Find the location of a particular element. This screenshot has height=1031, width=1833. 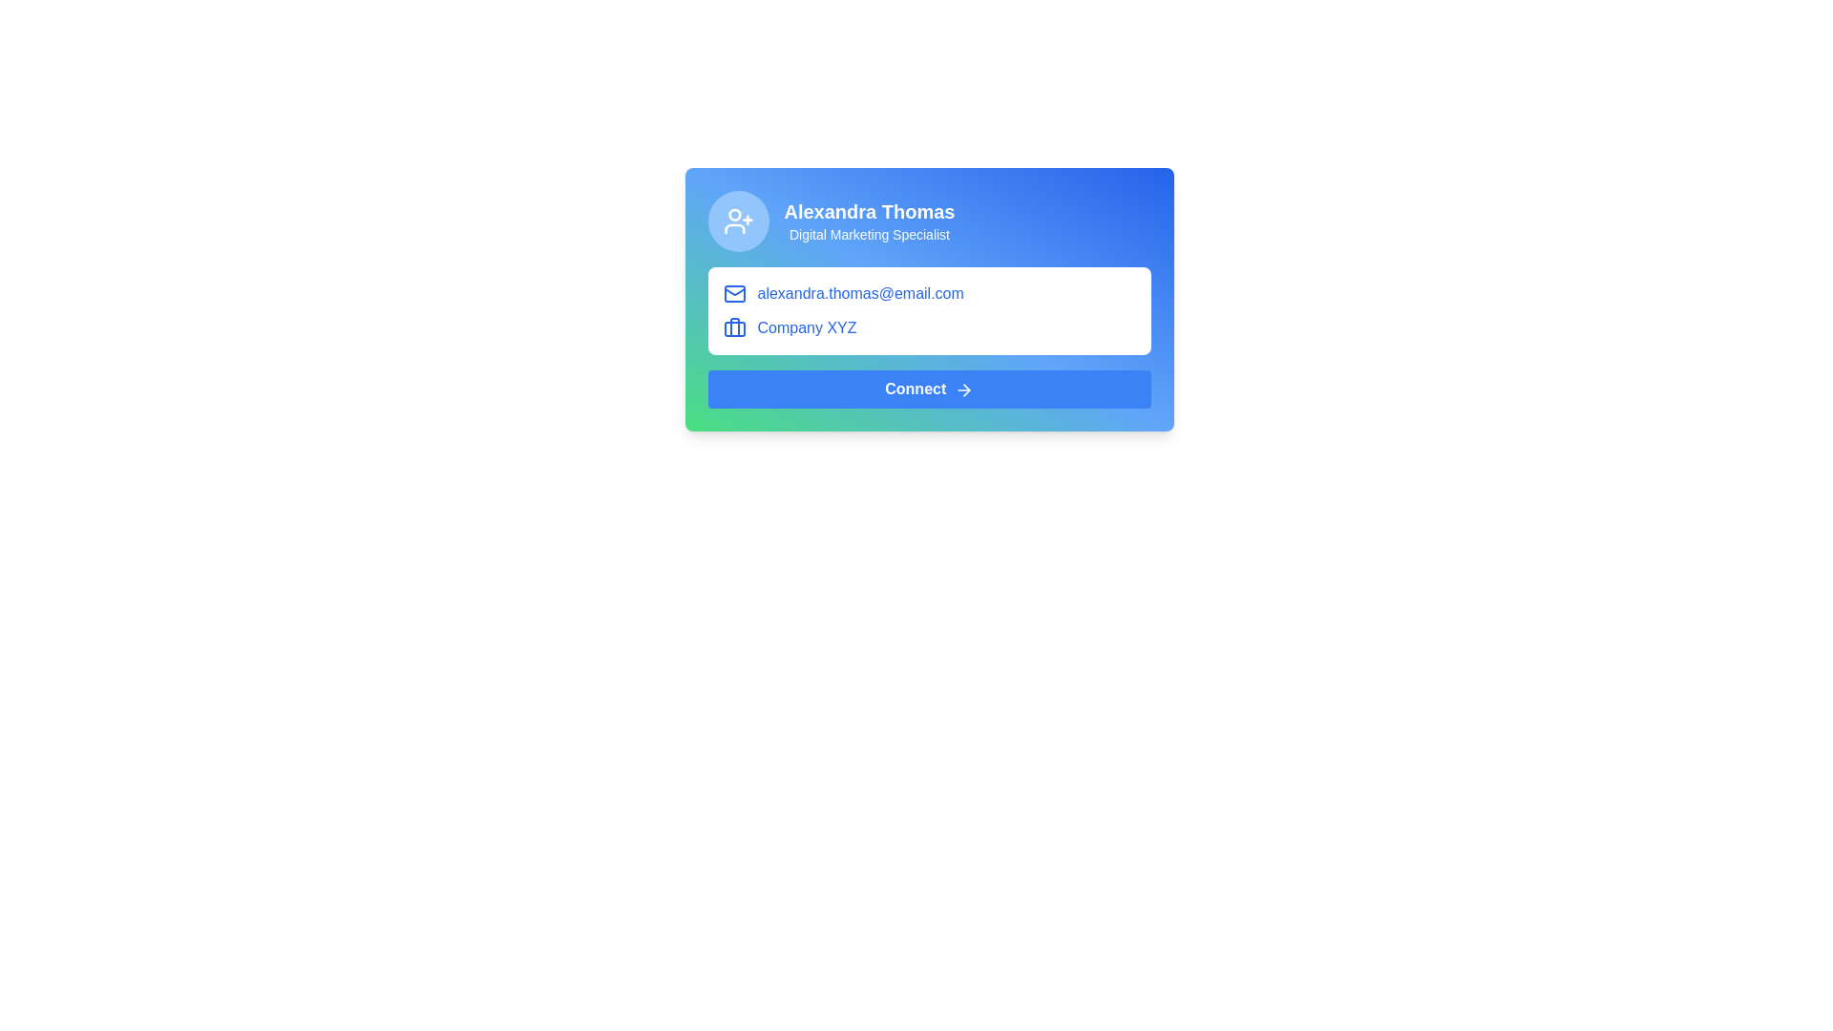

contact details displayed in the information block located below the name and role section of 'Alexandra Thomas, Digital Marketing Specialist' and above the 'Connect' button is located at coordinates (929, 310).